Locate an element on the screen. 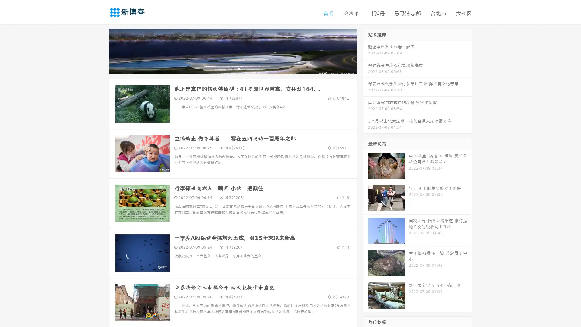 Image resolution: width=581 pixels, height=327 pixels. Go to slide 2 is located at coordinates (232, 68).